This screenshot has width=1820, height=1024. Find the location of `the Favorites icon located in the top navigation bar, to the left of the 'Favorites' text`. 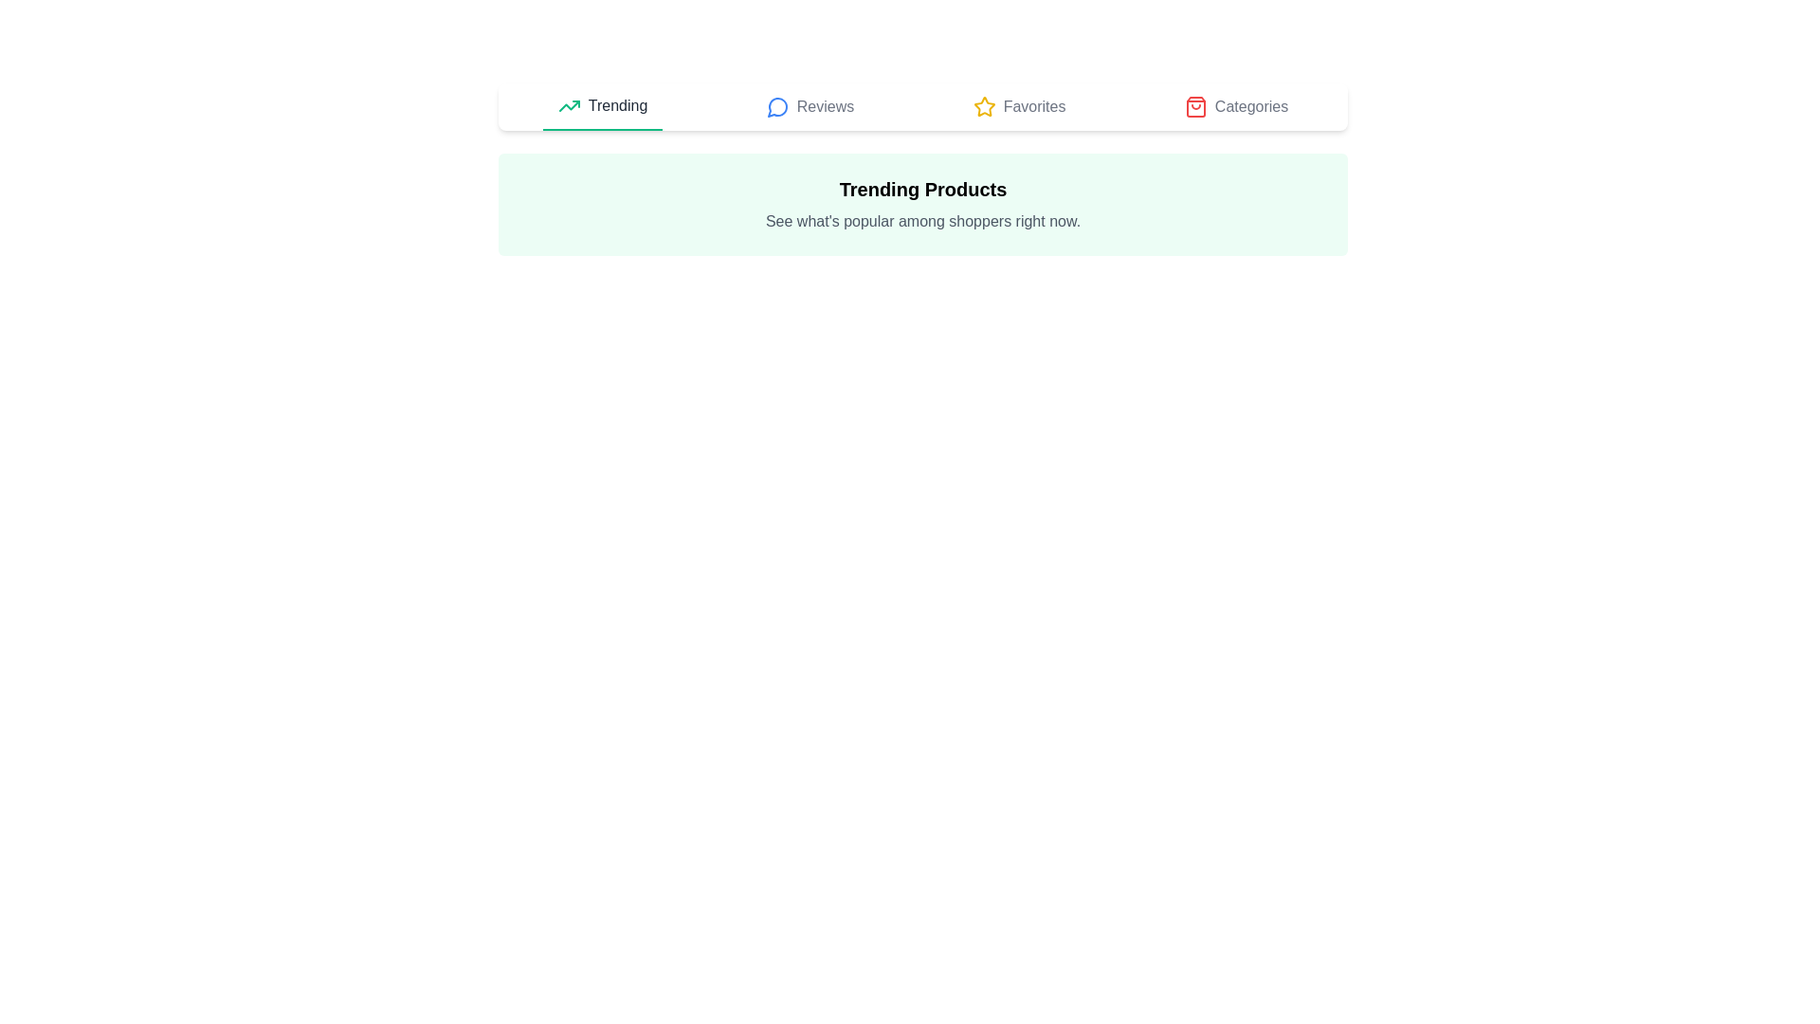

the Favorites icon located in the top navigation bar, to the left of the 'Favorites' text is located at coordinates (984, 106).